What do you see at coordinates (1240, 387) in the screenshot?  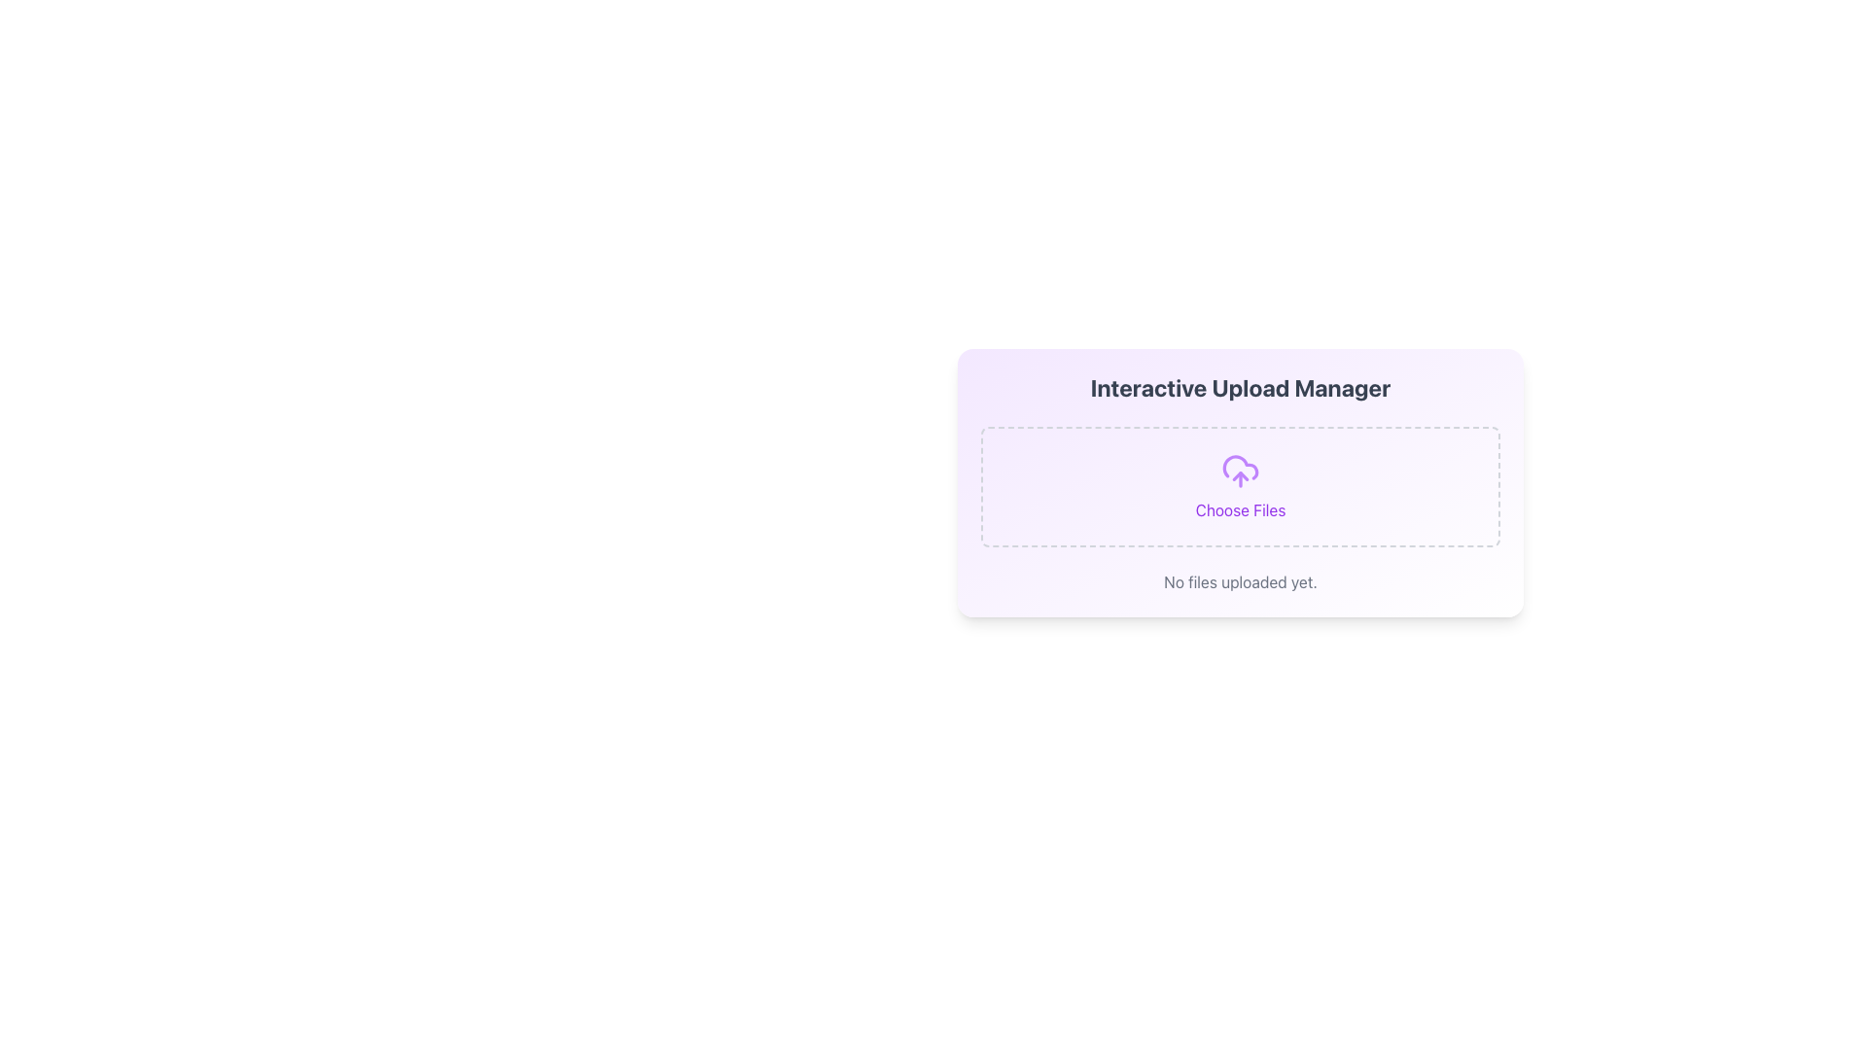 I see `the centered title text 'Interactive Upload Manager' which is prominently displayed in bold dark gray font at the top of the card component` at bounding box center [1240, 387].